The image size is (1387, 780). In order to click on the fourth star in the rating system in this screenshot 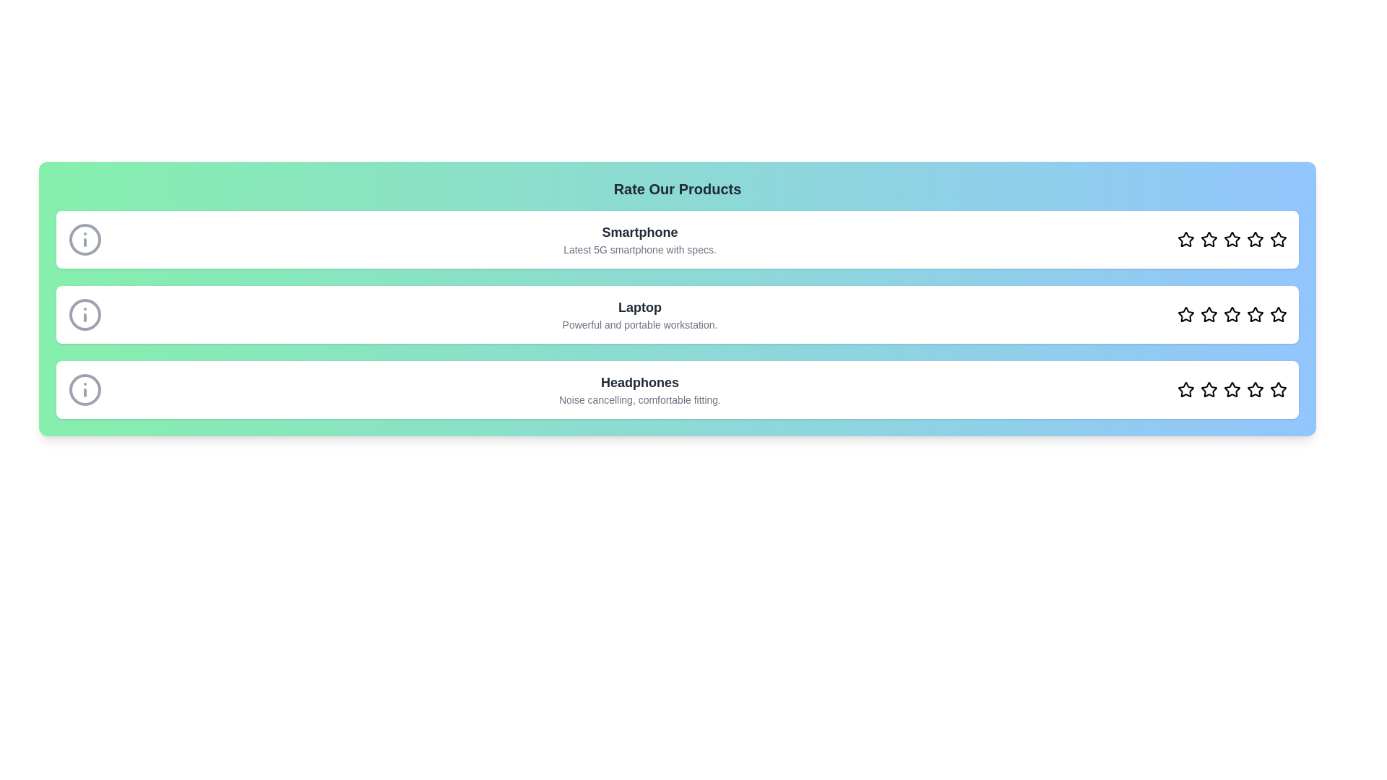, I will do `click(1254, 389)`.